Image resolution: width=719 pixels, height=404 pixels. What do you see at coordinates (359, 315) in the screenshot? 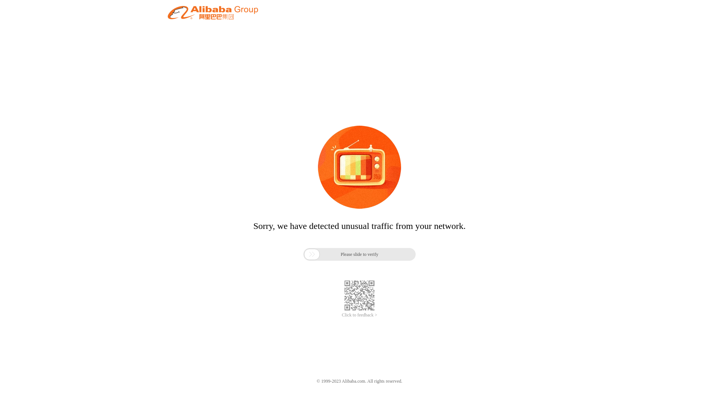
I see `'Click to feedback >'` at bounding box center [359, 315].